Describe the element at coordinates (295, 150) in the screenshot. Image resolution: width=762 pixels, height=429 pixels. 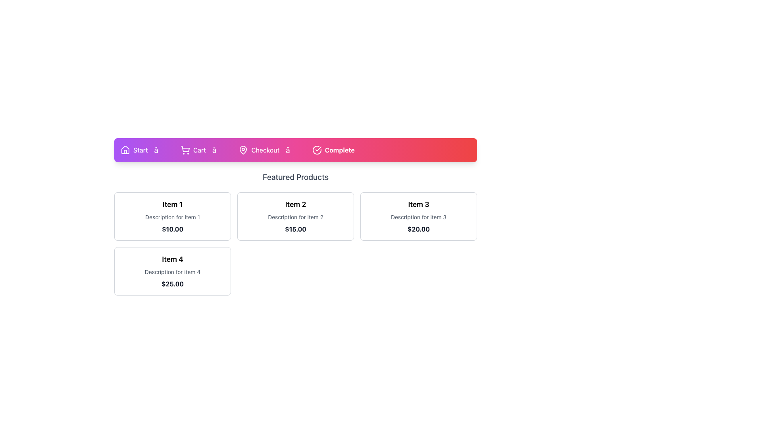
I see `the arrow symbol (â†’) in the navigation bar, which is styled in a larger font and positioned between 'Checkout' and 'Complete'` at that location.